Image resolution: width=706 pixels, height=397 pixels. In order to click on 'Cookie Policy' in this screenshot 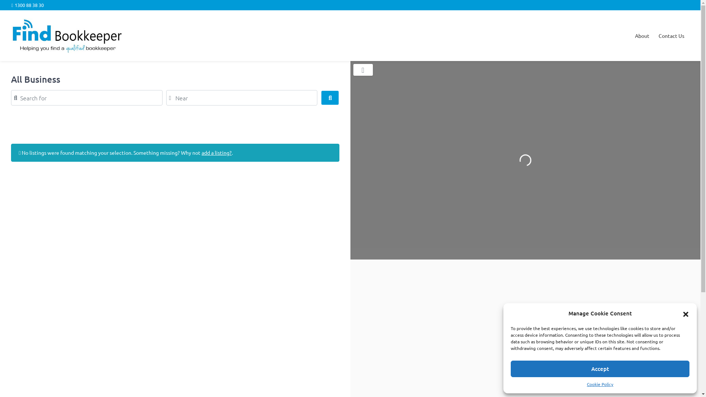, I will do `click(600, 384)`.